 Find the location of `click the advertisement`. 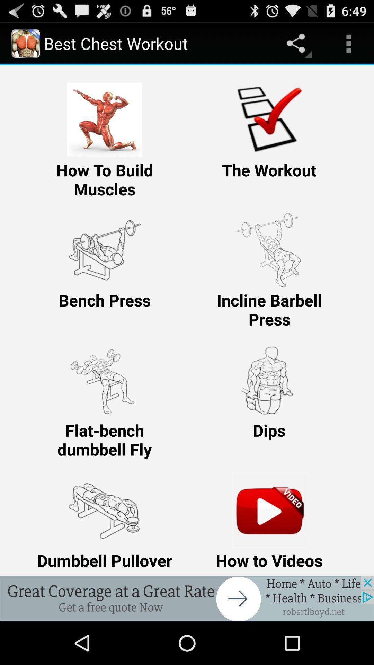

click the advertisement is located at coordinates (187, 598).